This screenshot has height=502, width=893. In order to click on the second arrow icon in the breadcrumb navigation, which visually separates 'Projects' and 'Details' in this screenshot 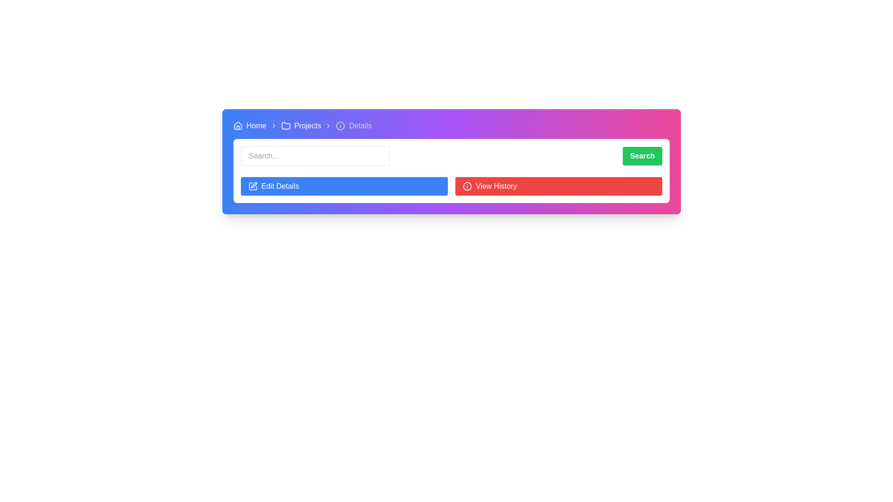, I will do `click(328, 125)`.